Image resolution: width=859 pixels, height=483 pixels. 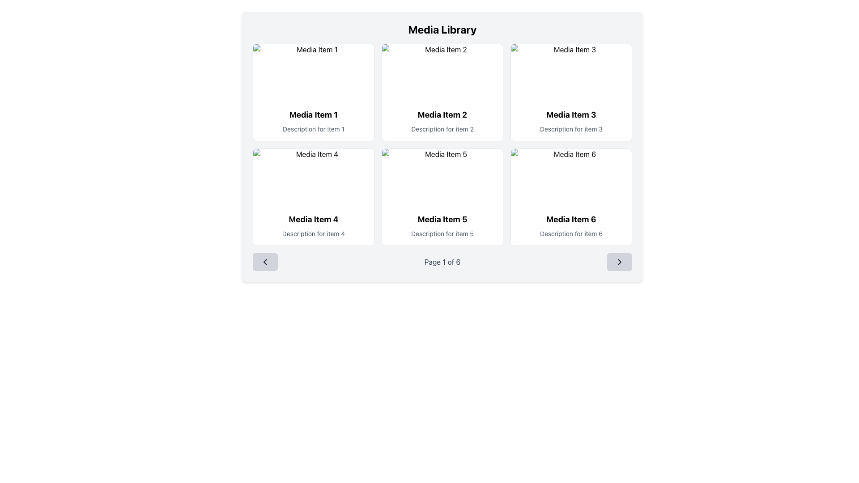 What do you see at coordinates (619, 262) in the screenshot?
I see `the chevron-shaped button representing a rightward direction in the bottom-right corner of the media library interface` at bounding box center [619, 262].